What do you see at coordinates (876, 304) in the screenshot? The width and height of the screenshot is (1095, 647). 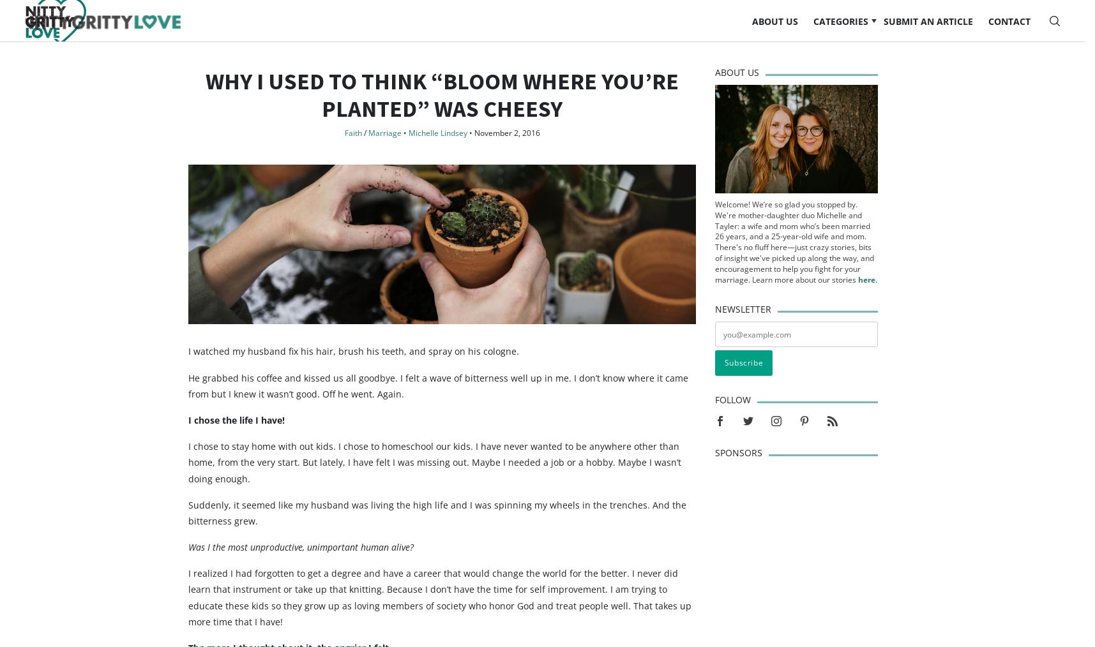 I see `'.'` at bounding box center [876, 304].